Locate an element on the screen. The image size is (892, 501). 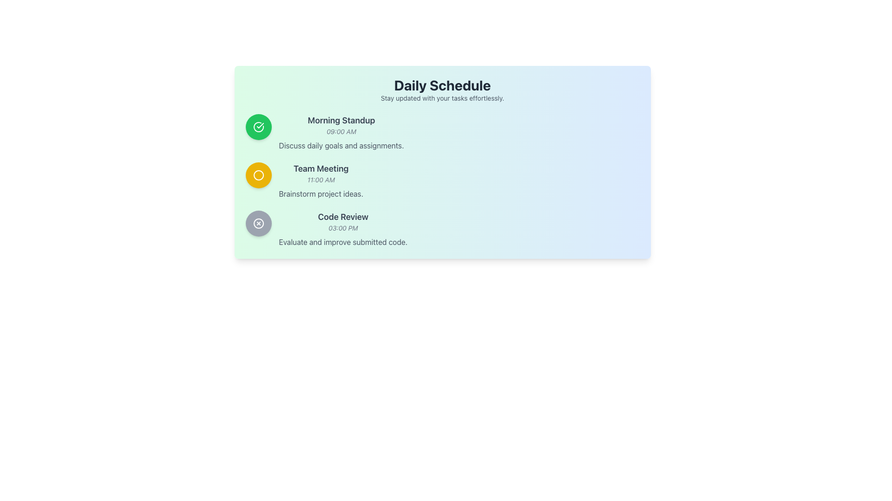
text label that says 'Stay updated with your tasks effortlessly.', which is located below the 'Daily Schedule' title is located at coordinates (442, 98).